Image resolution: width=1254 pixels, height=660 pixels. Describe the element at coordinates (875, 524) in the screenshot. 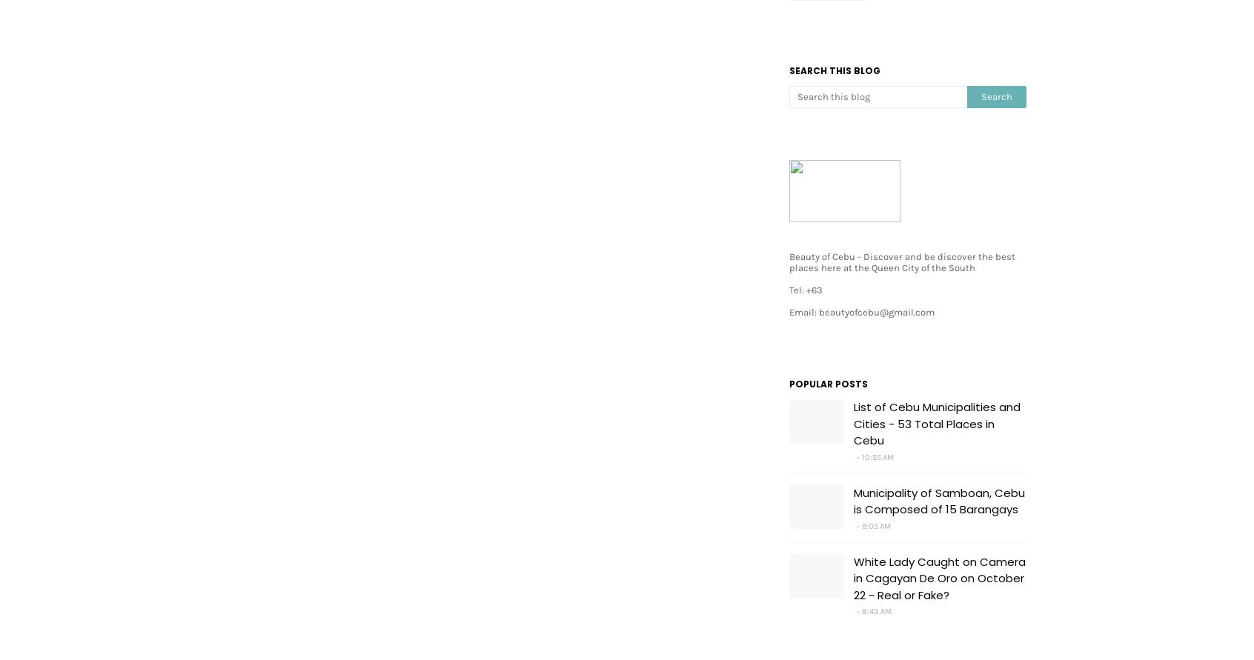

I see `'9:05 AM'` at that location.